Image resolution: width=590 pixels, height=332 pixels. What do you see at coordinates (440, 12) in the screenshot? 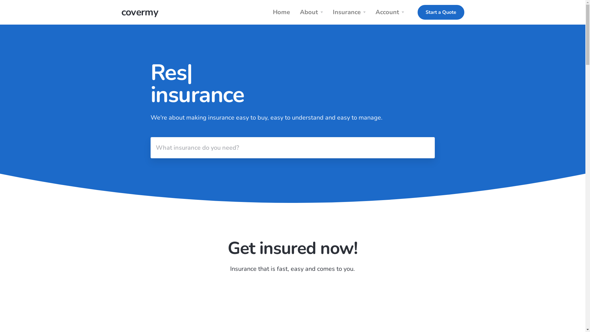
I see `'Start a Quote'` at bounding box center [440, 12].